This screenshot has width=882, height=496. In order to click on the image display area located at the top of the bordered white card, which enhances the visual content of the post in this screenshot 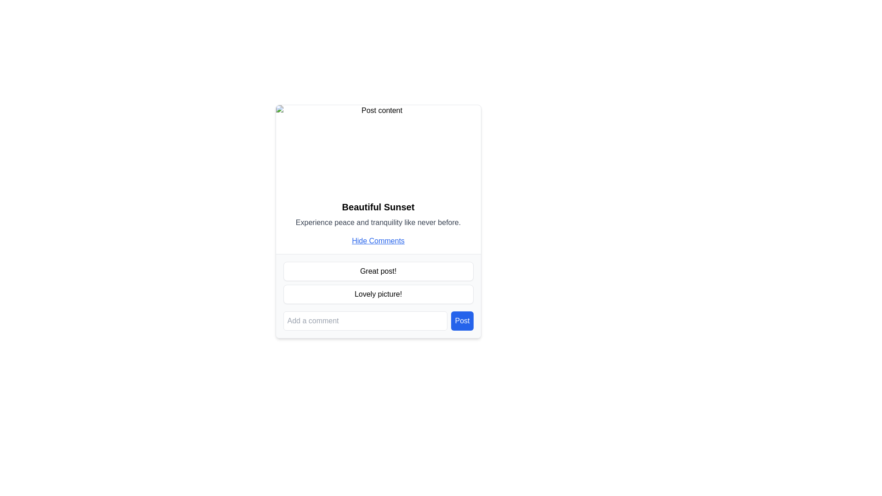, I will do `click(378, 148)`.